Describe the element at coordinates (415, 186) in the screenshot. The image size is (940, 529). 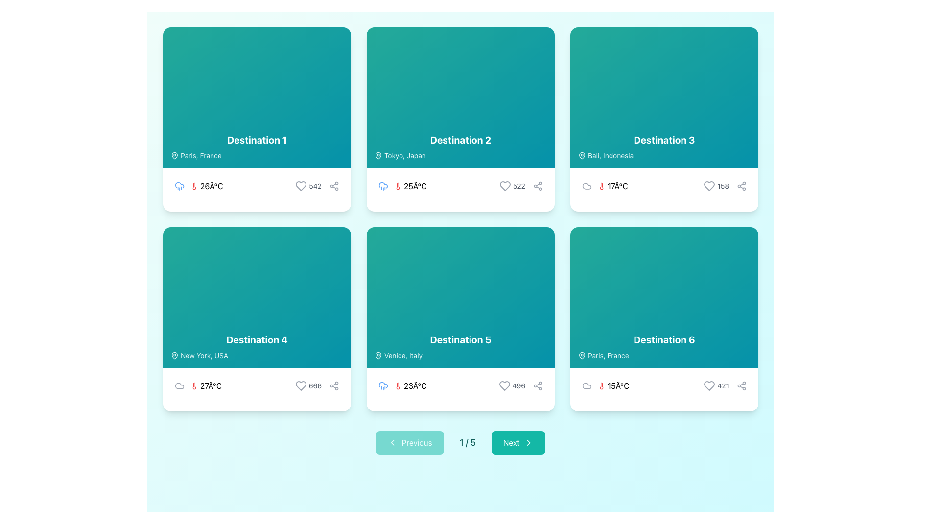
I see `the text label displaying '25Â°C', which is located to the right of a red thermometer icon within the second card labeled 'Destination 2'` at that location.